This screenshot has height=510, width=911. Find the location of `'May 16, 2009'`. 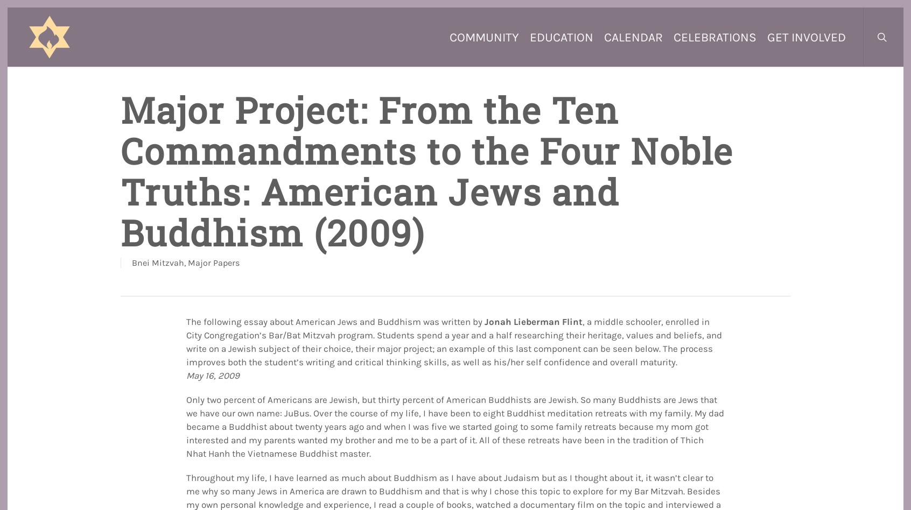

'May 16, 2009' is located at coordinates (213, 375).